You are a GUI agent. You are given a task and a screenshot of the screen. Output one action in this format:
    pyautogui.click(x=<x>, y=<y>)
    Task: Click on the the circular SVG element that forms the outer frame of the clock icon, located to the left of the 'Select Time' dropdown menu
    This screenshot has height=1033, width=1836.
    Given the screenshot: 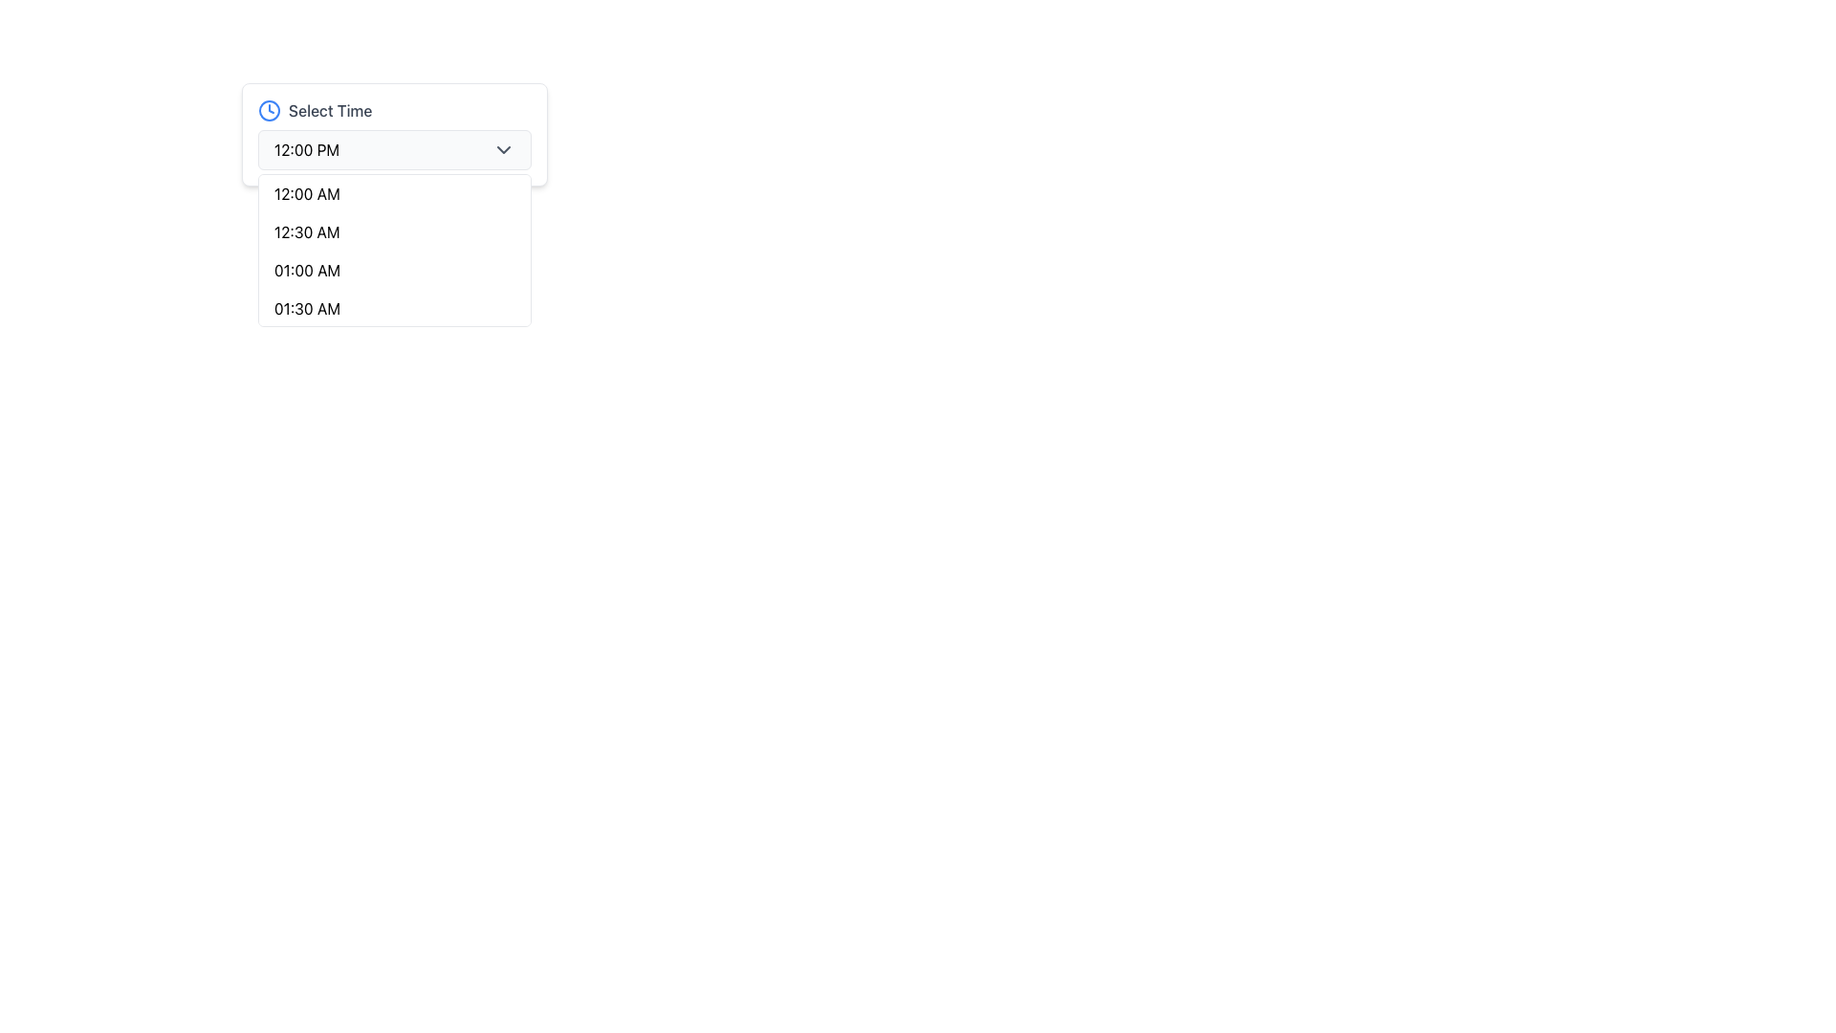 What is the action you would take?
    pyautogui.click(x=269, y=110)
    